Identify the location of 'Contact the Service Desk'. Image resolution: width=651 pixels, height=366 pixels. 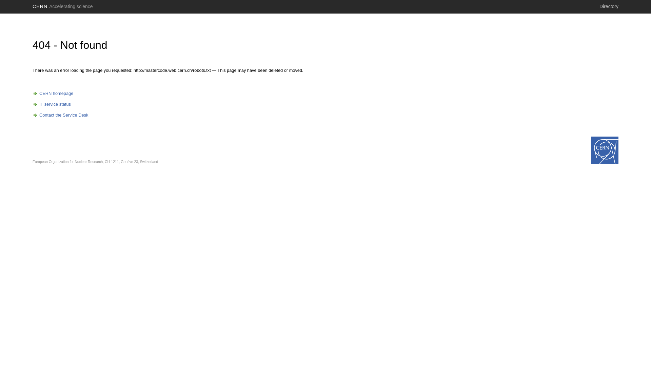
(60, 115).